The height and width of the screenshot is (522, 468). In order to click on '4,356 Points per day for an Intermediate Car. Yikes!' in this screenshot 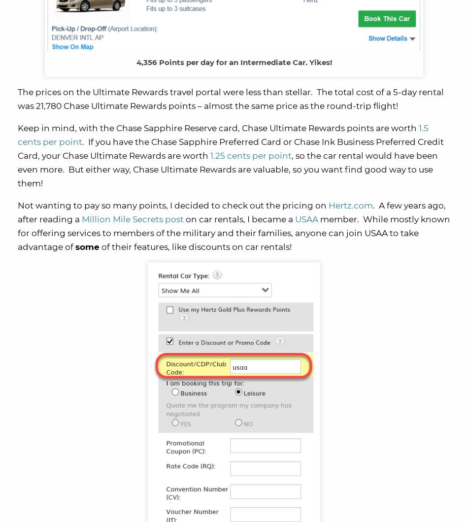, I will do `click(135, 62)`.